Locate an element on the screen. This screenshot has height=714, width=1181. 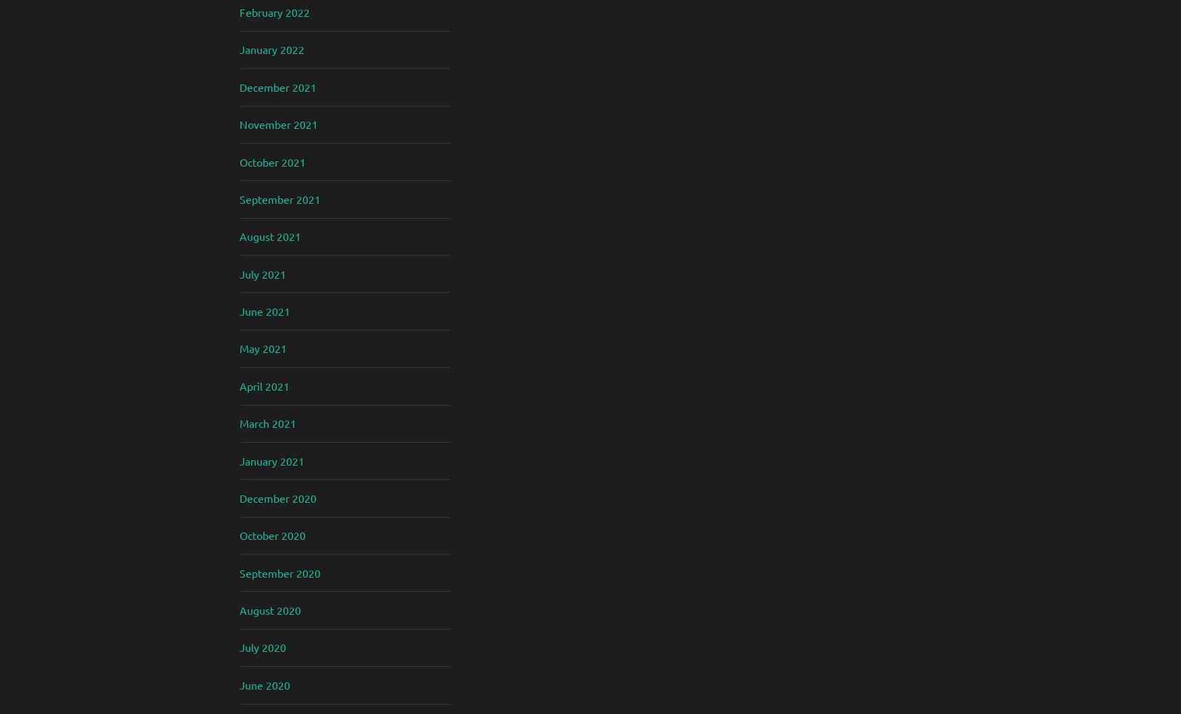
'August 2020' is located at coordinates (269, 609).